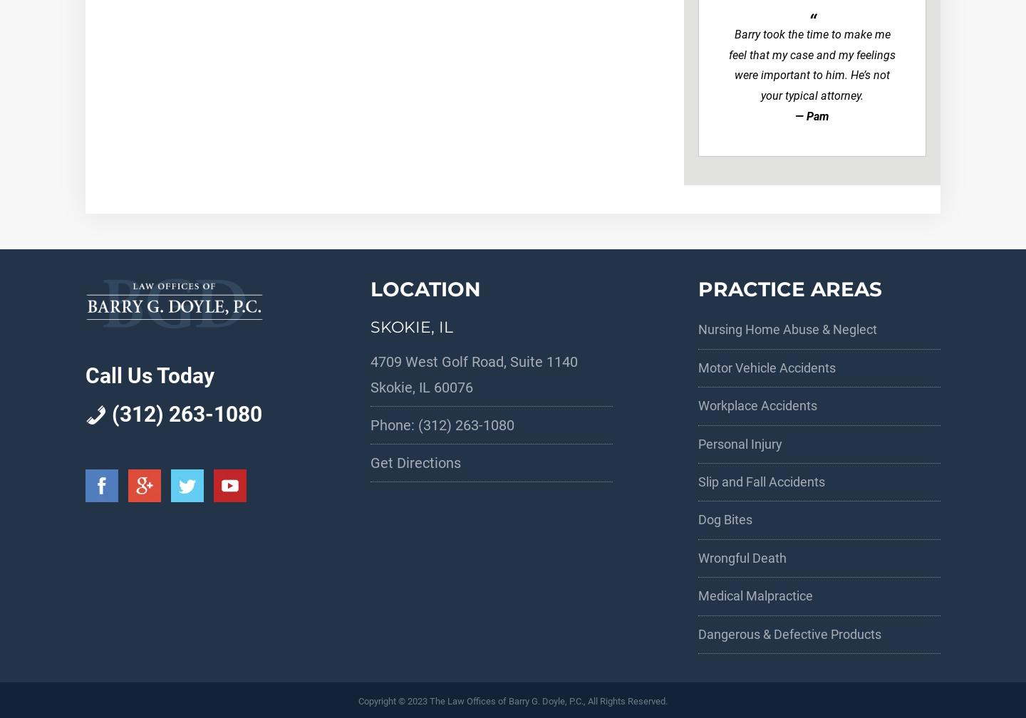 The image size is (1026, 718). I want to click on '4709 West Golf Road, Suite 1140', so click(369, 361).